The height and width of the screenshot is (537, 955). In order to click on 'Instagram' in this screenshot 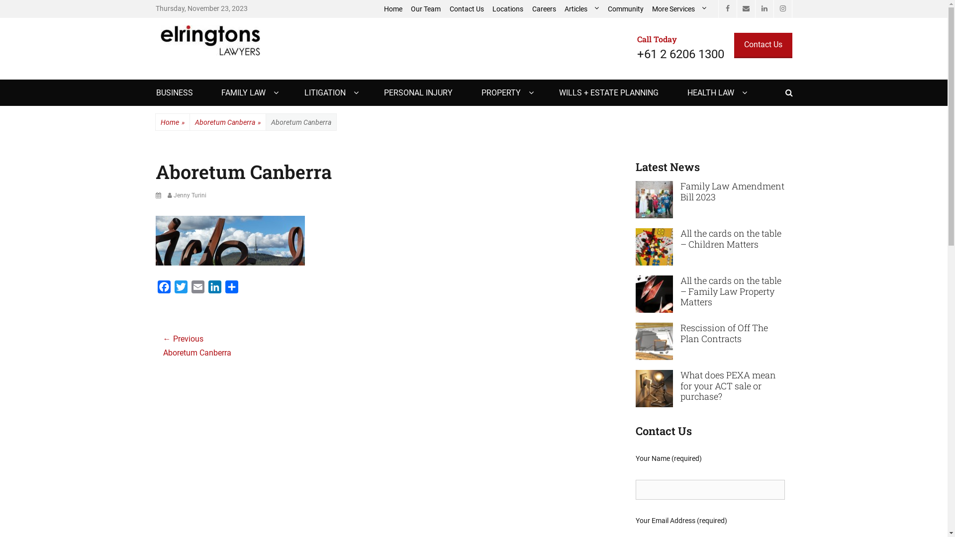, I will do `click(782, 9)`.